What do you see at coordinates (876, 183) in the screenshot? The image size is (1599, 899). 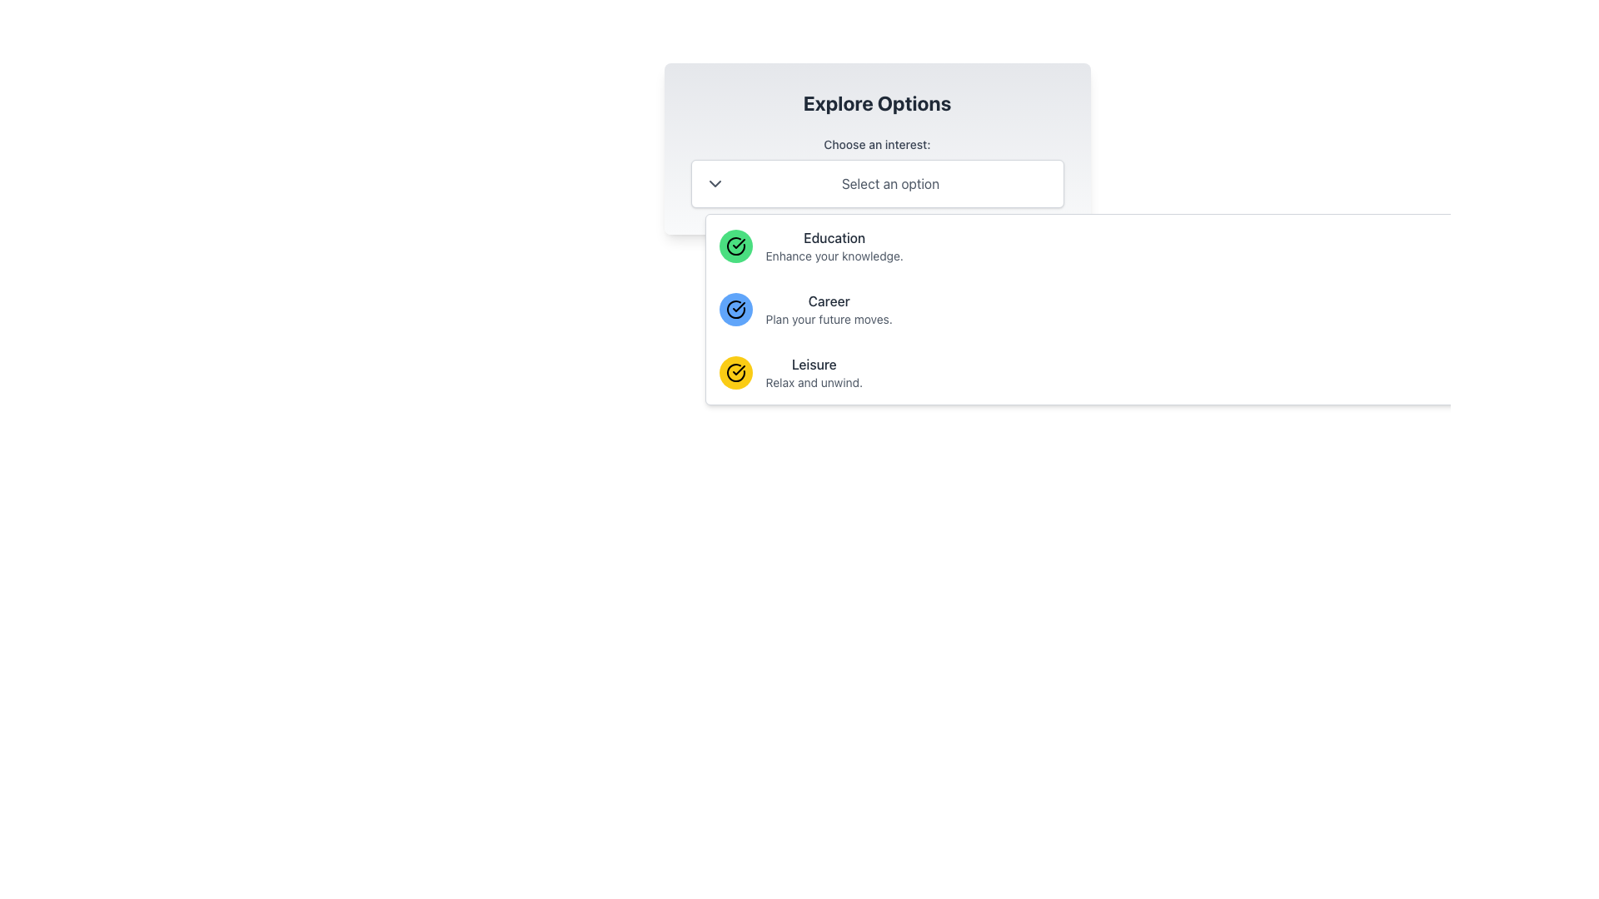 I see `the dropdown menu with white background and gray border labeled 'Select an option' located below the header 'Choose an interest:'` at bounding box center [876, 183].